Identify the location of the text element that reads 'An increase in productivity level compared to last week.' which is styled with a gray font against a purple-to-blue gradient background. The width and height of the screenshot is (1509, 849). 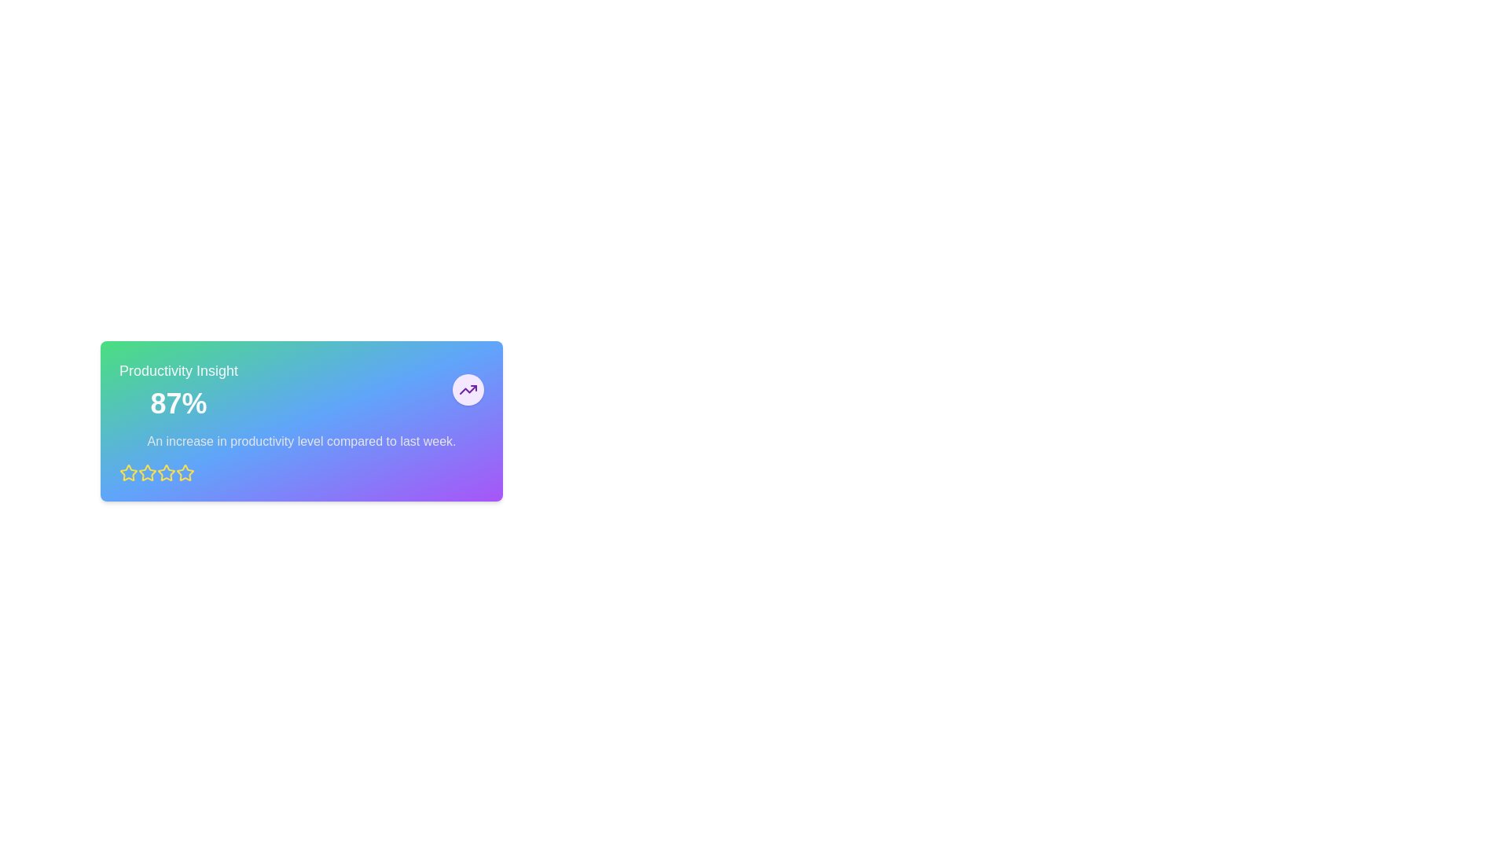
(302, 442).